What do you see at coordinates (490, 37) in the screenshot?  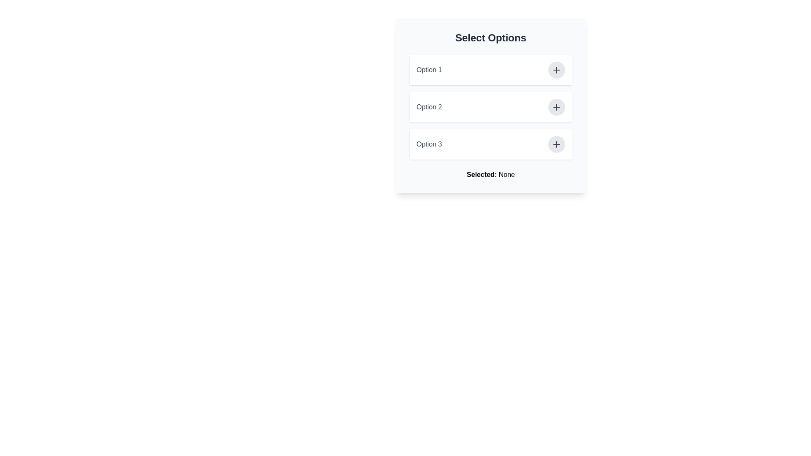 I see `the text label that serves as a title or instruction for selecting options in the card-like section, which is centrally placed at the top of the card` at bounding box center [490, 37].